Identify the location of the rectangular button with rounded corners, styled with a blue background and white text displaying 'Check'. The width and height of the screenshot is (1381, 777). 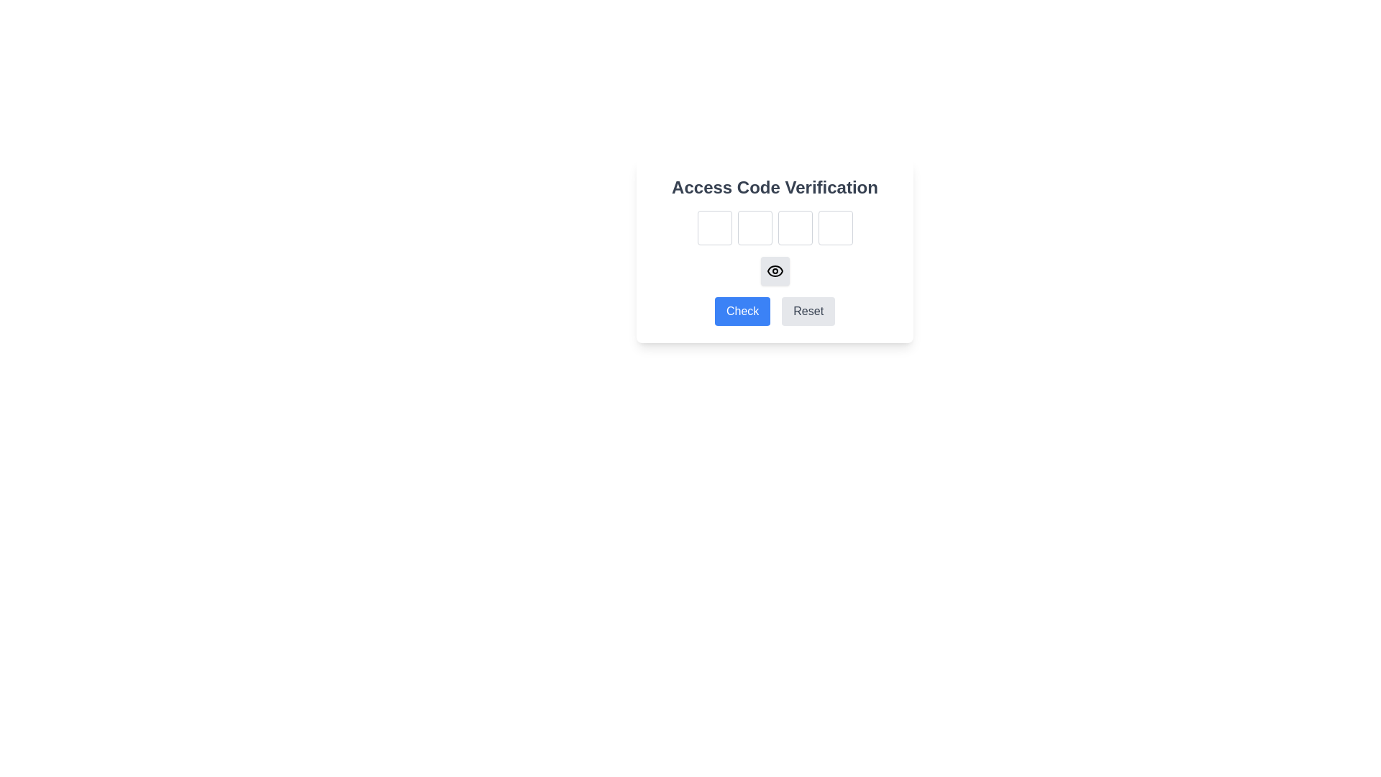
(742, 310).